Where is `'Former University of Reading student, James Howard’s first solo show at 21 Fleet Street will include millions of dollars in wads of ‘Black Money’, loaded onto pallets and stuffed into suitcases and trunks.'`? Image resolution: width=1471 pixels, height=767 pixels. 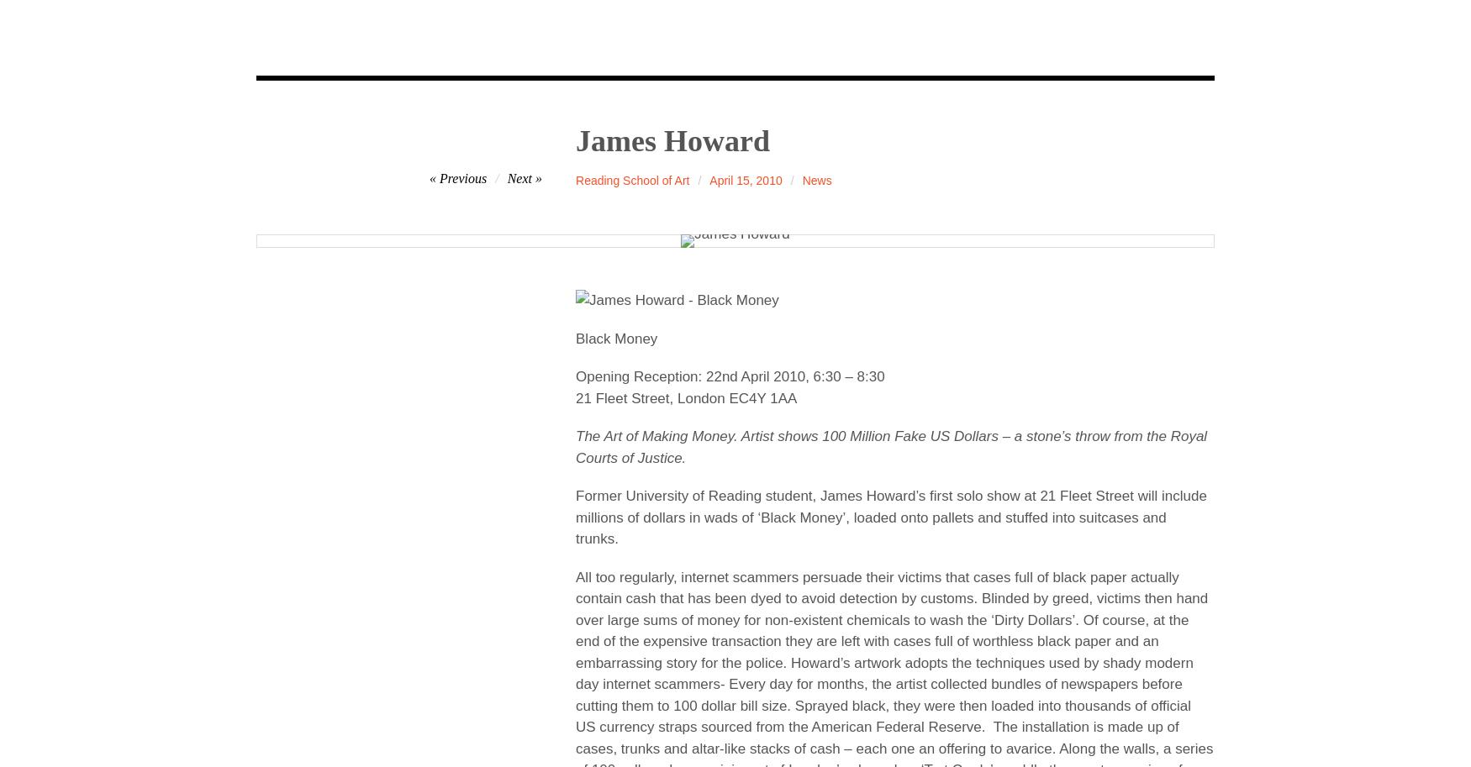 'Former University of Reading student, James Howard’s first solo show at 21 Fleet Street will include millions of dollars in wads of ‘Black Money’, loaded onto pallets and stuffed into suitcases and trunks.' is located at coordinates (574, 517).